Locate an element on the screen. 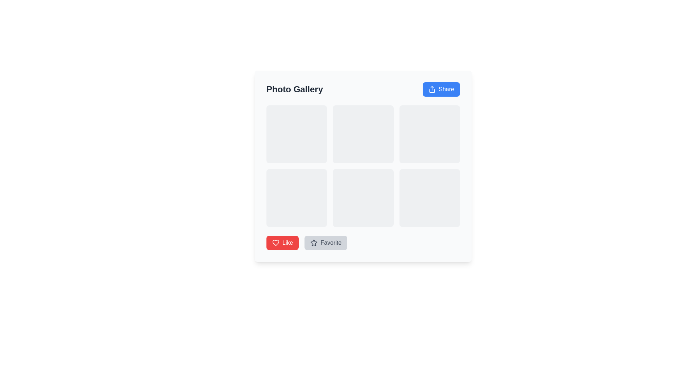 The image size is (696, 391). the heart-shaped icon filled with solid red color within the 'Like' button at the bottom left of the Photo Gallery interface to like the photo is located at coordinates (275, 243).